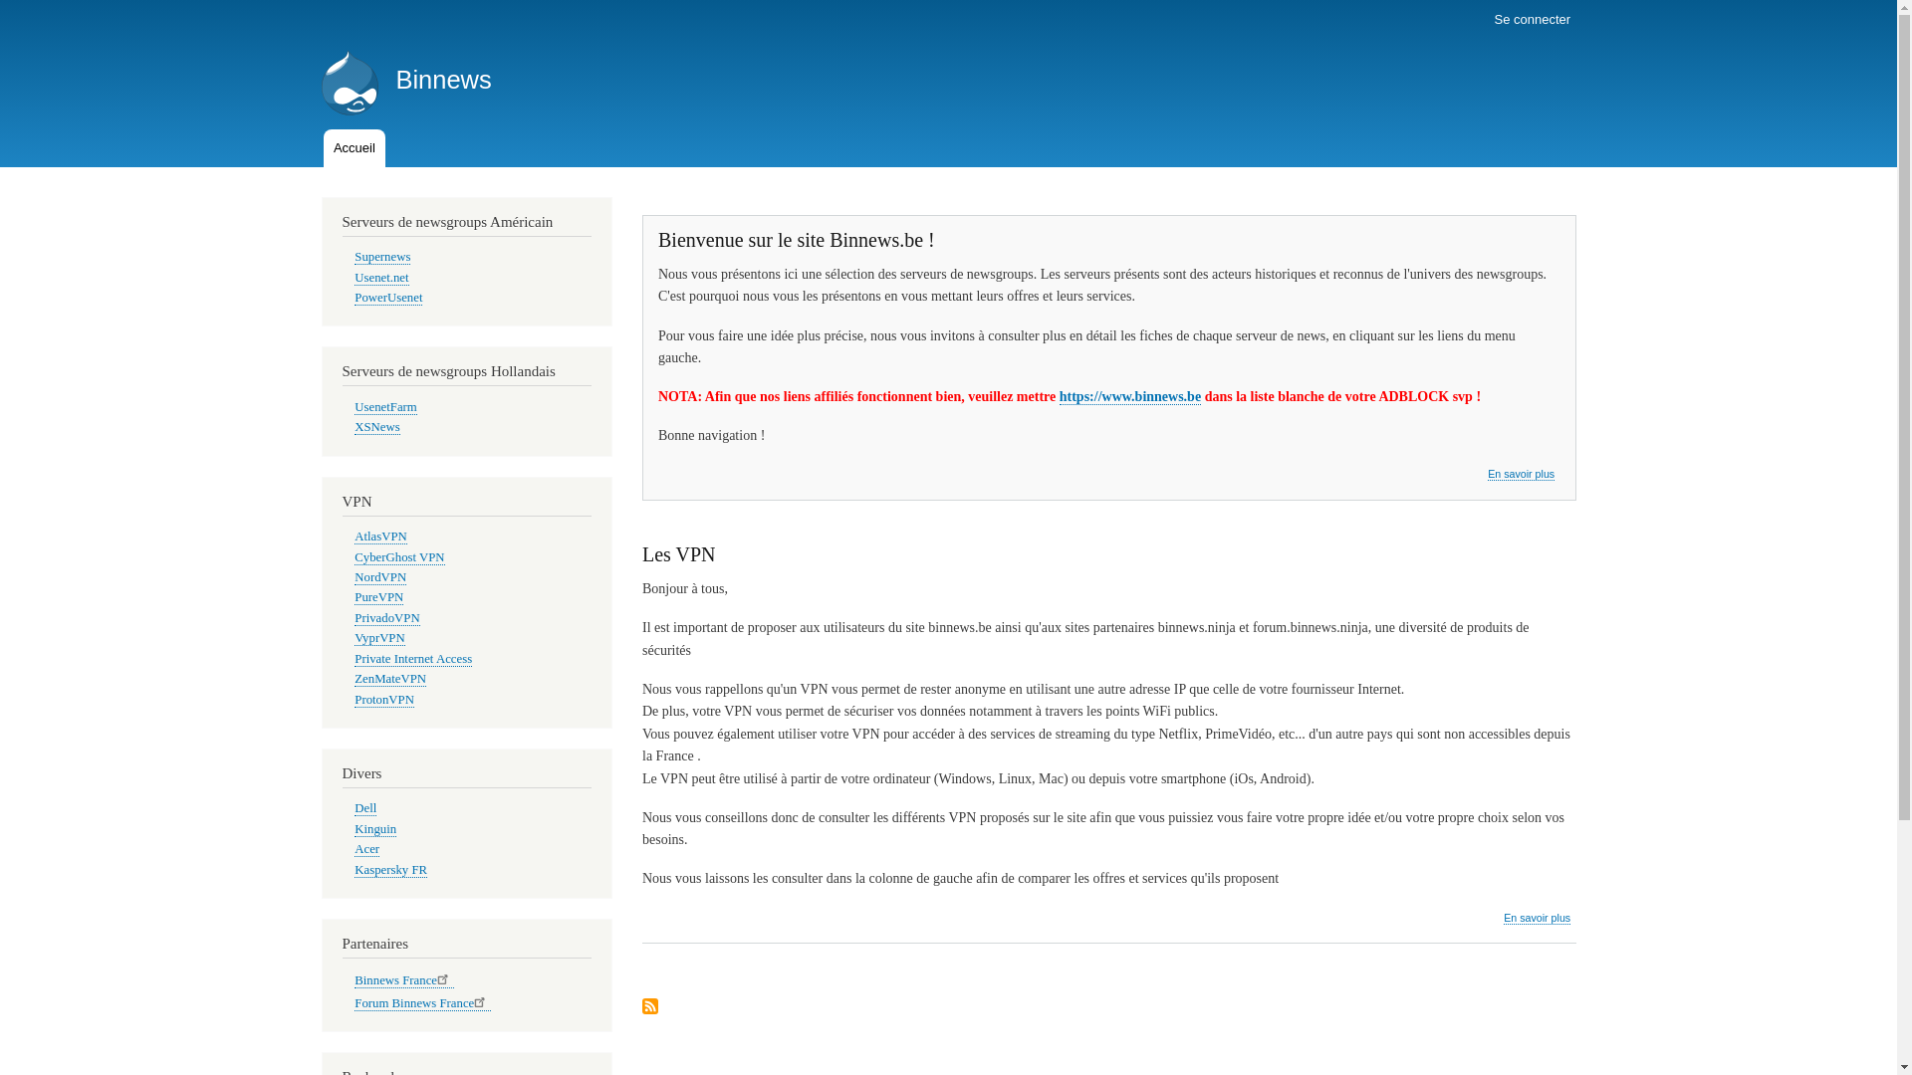 The image size is (1912, 1075). What do you see at coordinates (390, 869) in the screenshot?
I see `'Kaspersky FR'` at bounding box center [390, 869].